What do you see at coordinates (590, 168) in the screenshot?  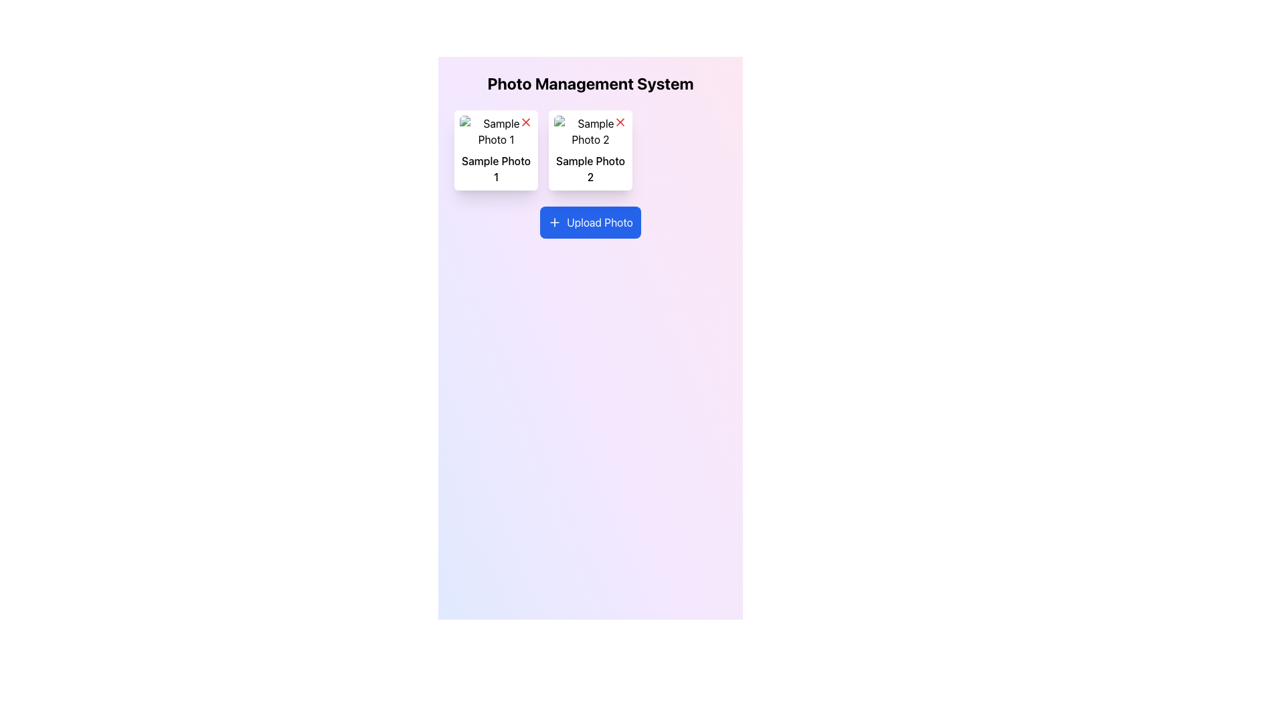 I see `text content of the text label displaying 'Sample Photo 2', which is black, center-aligned, and located at the bottom center of the second photo card` at bounding box center [590, 168].